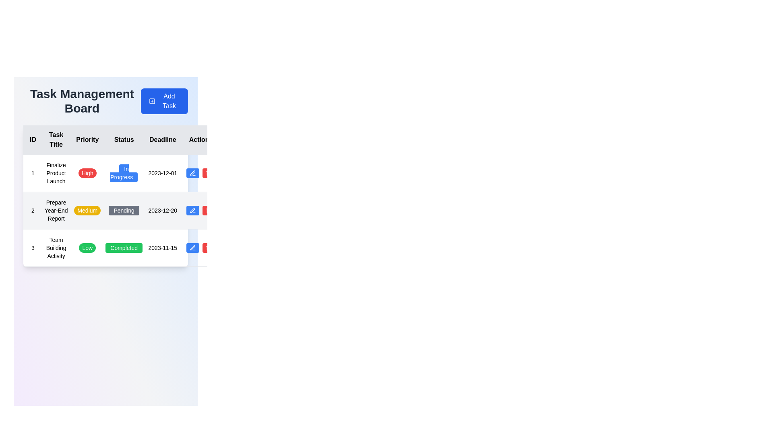 The height and width of the screenshot is (434, 773). I want to click on the 'Completed' label with a green background and white text in the 'Status' column of the third row of the table, so click(124, 248).